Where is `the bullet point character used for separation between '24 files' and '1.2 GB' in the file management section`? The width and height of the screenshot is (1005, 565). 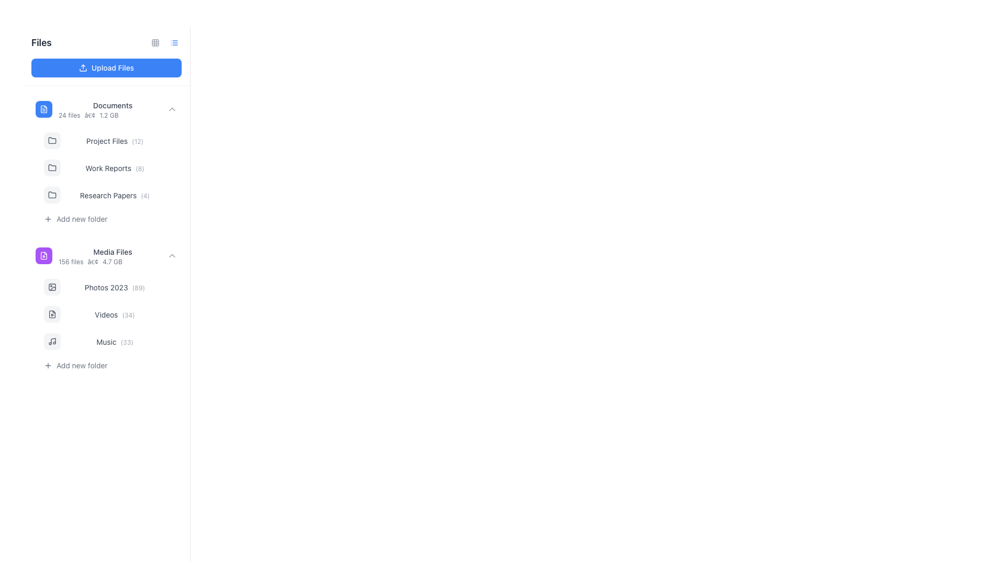 the bullet point character used for separation between '24 files' and '1.2 GB' in the file management section is located at coordinates (90, 115).